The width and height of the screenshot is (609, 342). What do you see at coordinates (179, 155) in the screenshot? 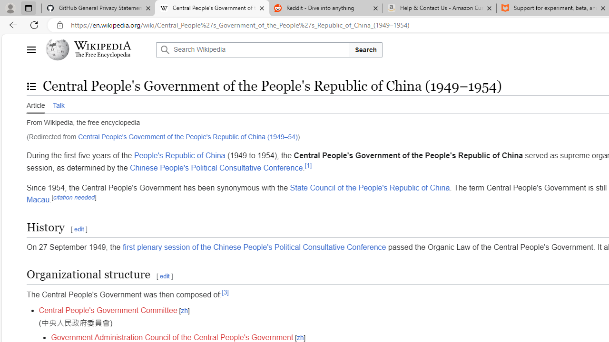
I see `'People'` at bounding box center [179, 155].